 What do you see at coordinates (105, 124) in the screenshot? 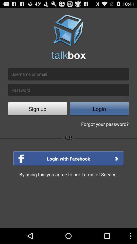
I see `the forgot your password? icon` at bounding box center [105, 124].